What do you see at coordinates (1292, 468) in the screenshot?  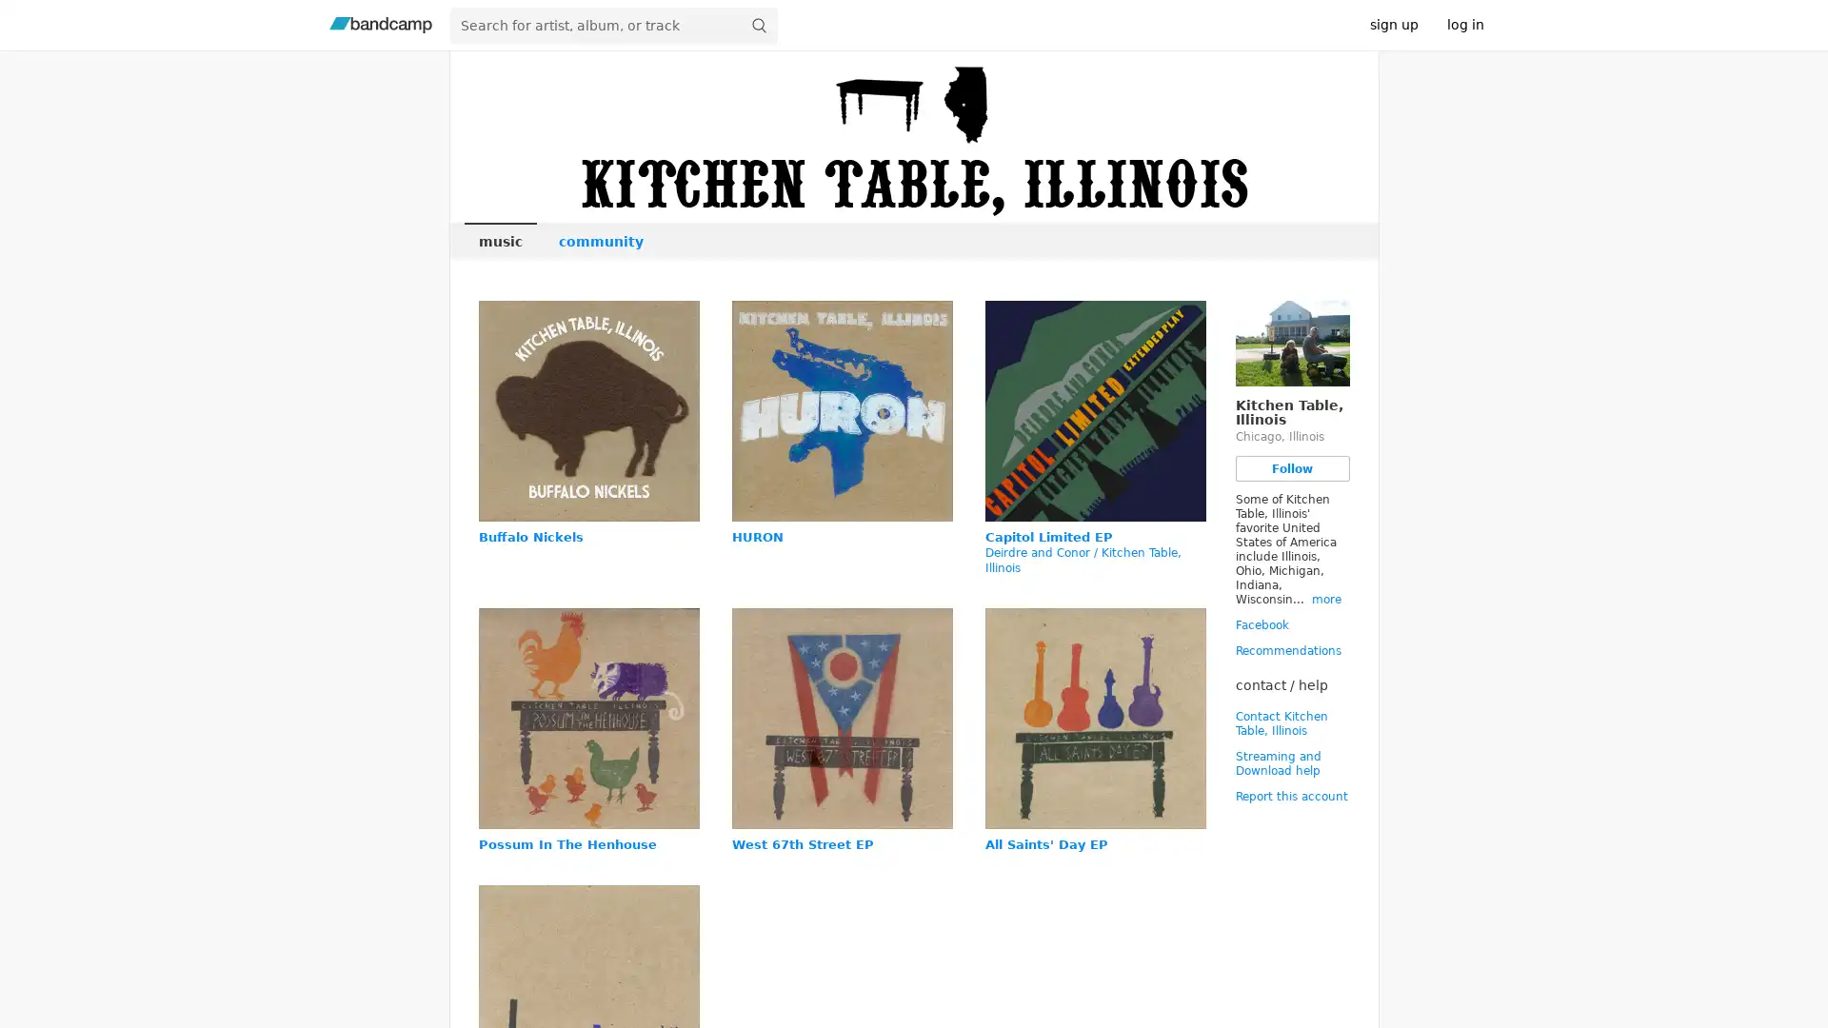 I see `Follow` at bounding box center [1292, 468].